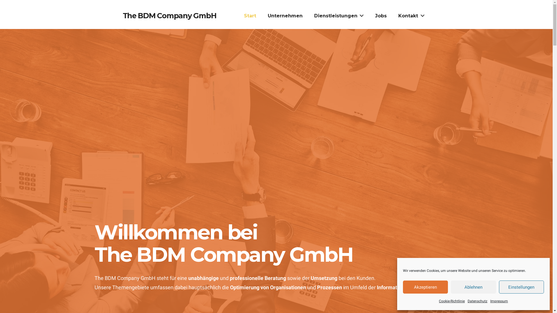 The height and width of the screenshot is (313, 557). I want to click on 'Jobs', so click(381, 15).